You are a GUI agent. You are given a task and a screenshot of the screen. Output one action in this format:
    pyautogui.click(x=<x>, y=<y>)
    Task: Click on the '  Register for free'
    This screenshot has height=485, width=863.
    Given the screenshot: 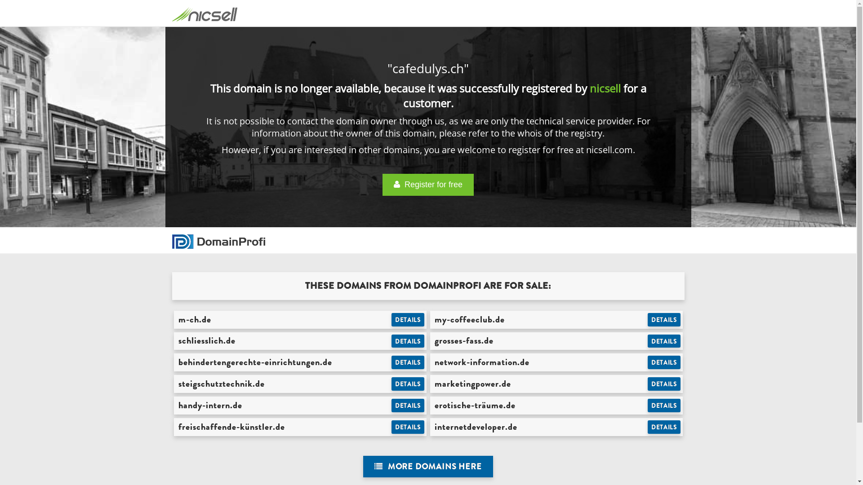 What is the action you would take?
    pyautogui.click(x=427, y=184)
    